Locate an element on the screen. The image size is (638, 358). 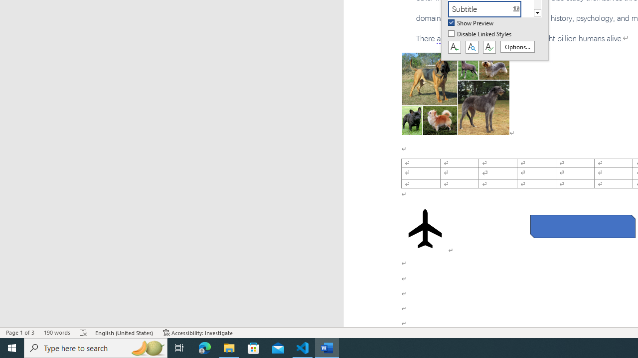
'Morphological variation in six dogs' is located at coordinates (455, 94).